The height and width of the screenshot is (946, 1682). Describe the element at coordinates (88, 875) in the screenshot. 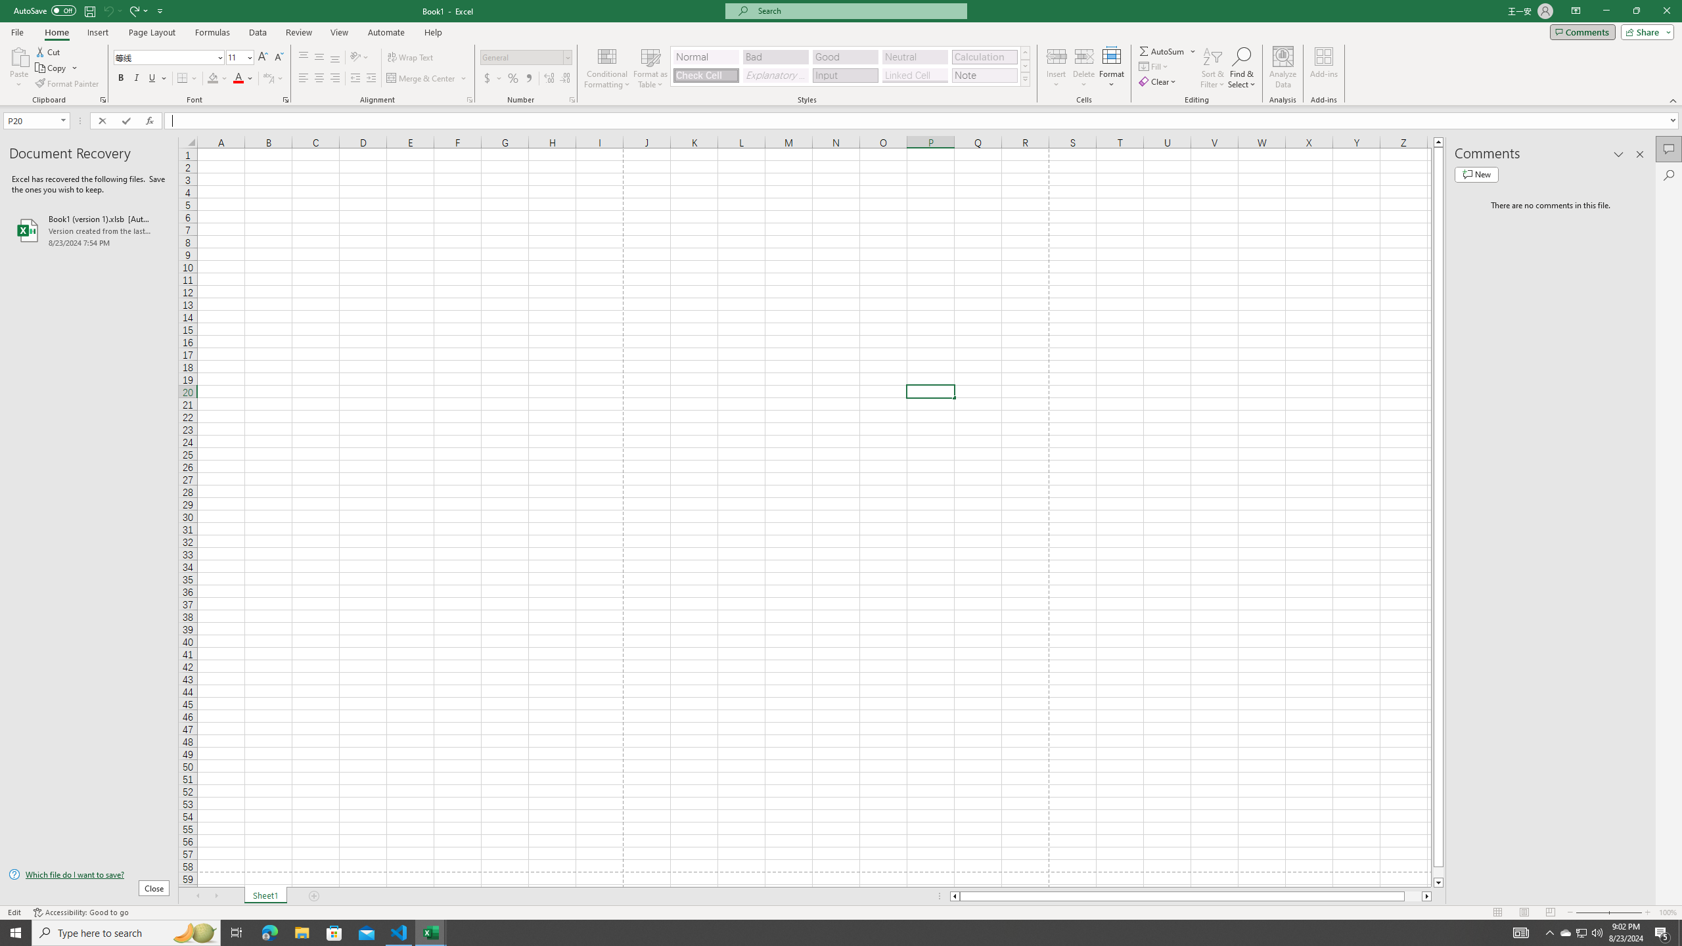

I see `'Which file do I want to save?'` at that location.